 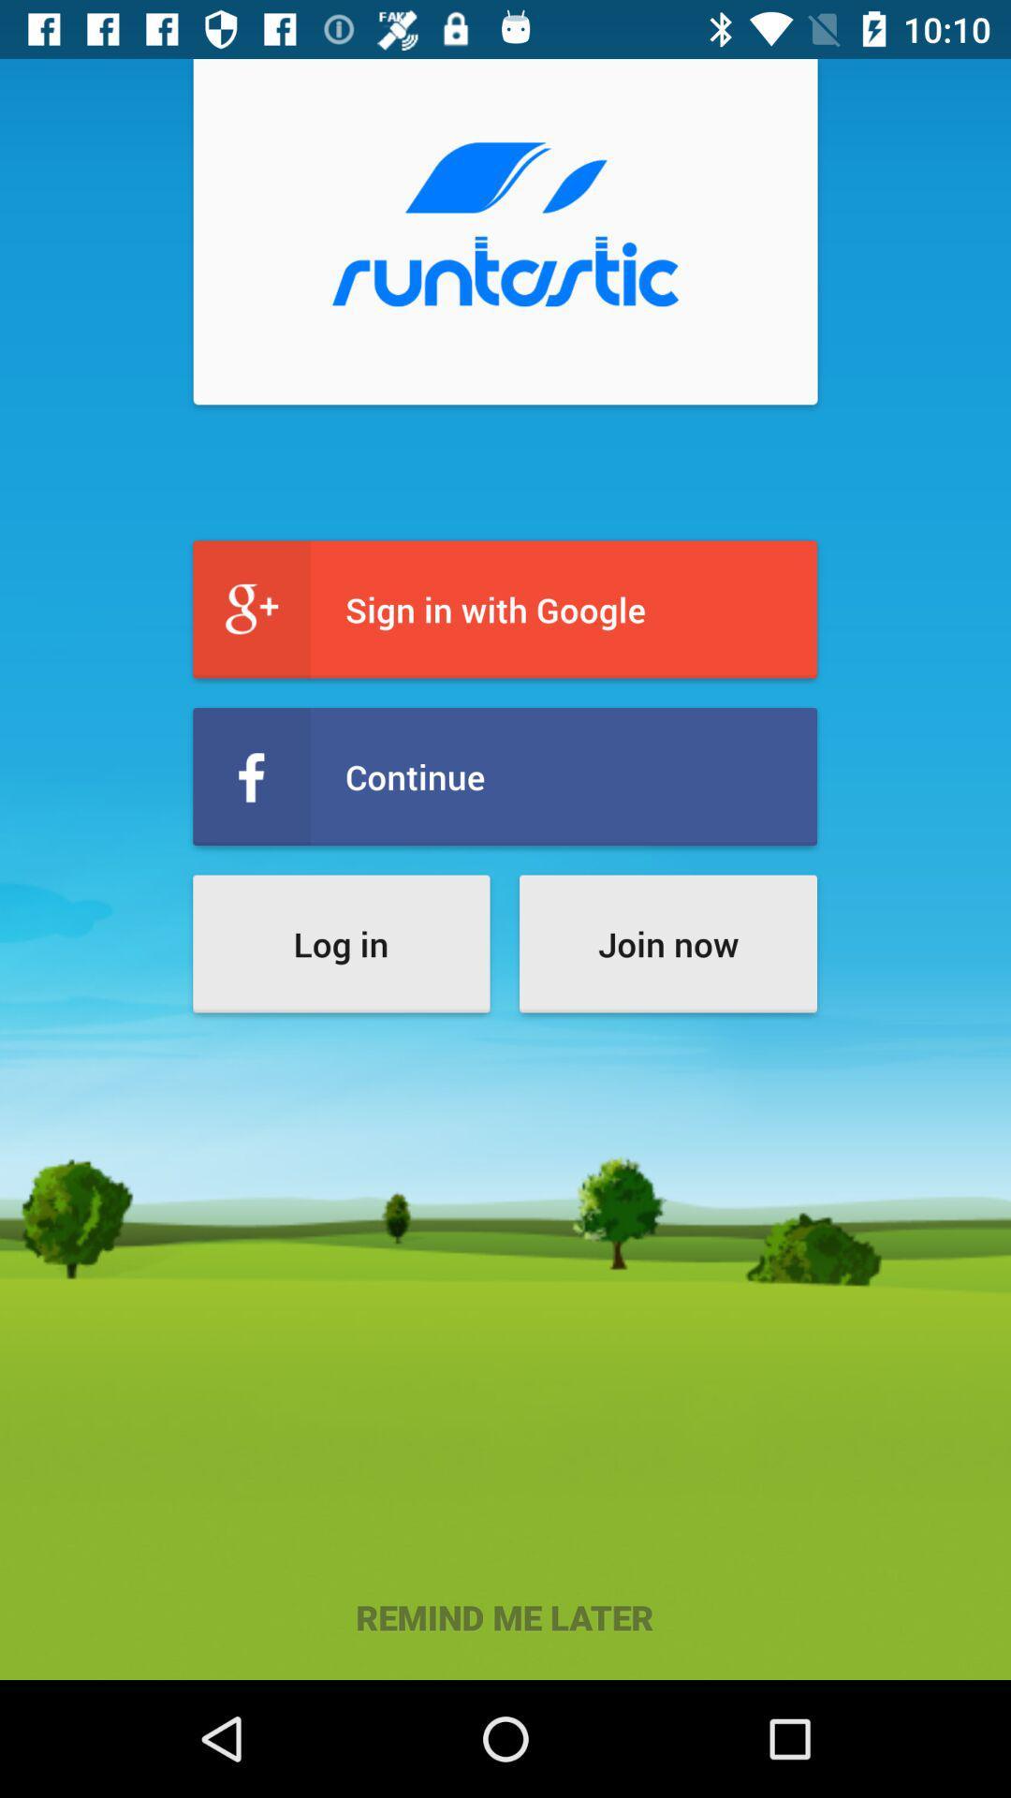 I want to click on icon below the sign in with item, so click(x=504, y=776).